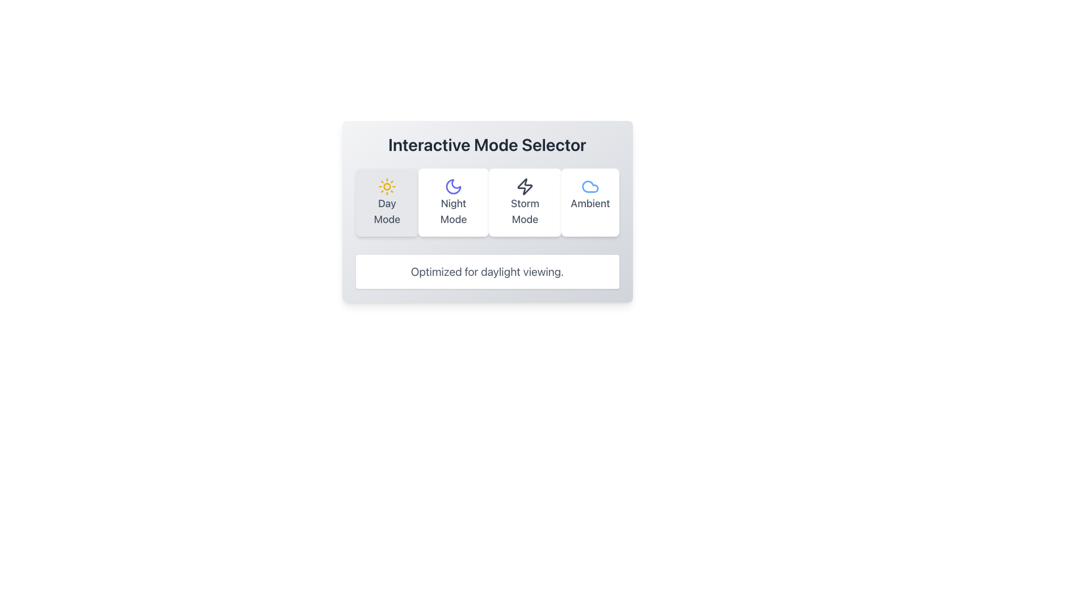 Image resolution: width=1090 pixels, height=613 pixels. Describe the element at coordinates (525, 186) in the screenshot. I see `the 'Storm Mode' SVG icon, which is the third option in the 'Interactive Mode Selector' group, located between 'Night Mode' and 'Ambient'` at that location.